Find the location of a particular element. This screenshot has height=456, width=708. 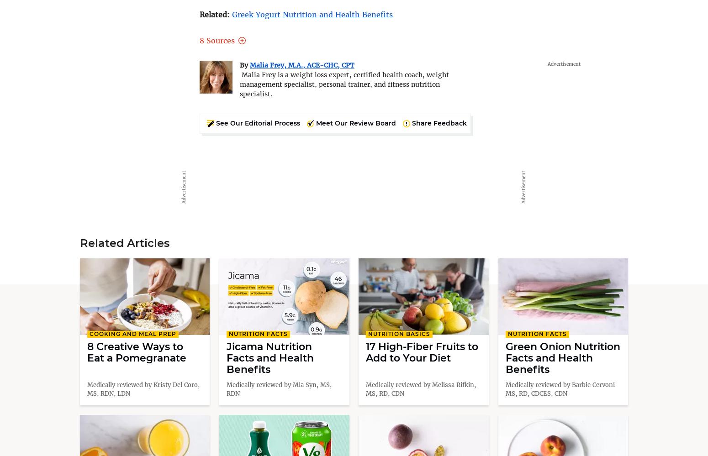

'Greek Yogurt Nutrition and Health Benefits' is located at coordinates (312, 14).